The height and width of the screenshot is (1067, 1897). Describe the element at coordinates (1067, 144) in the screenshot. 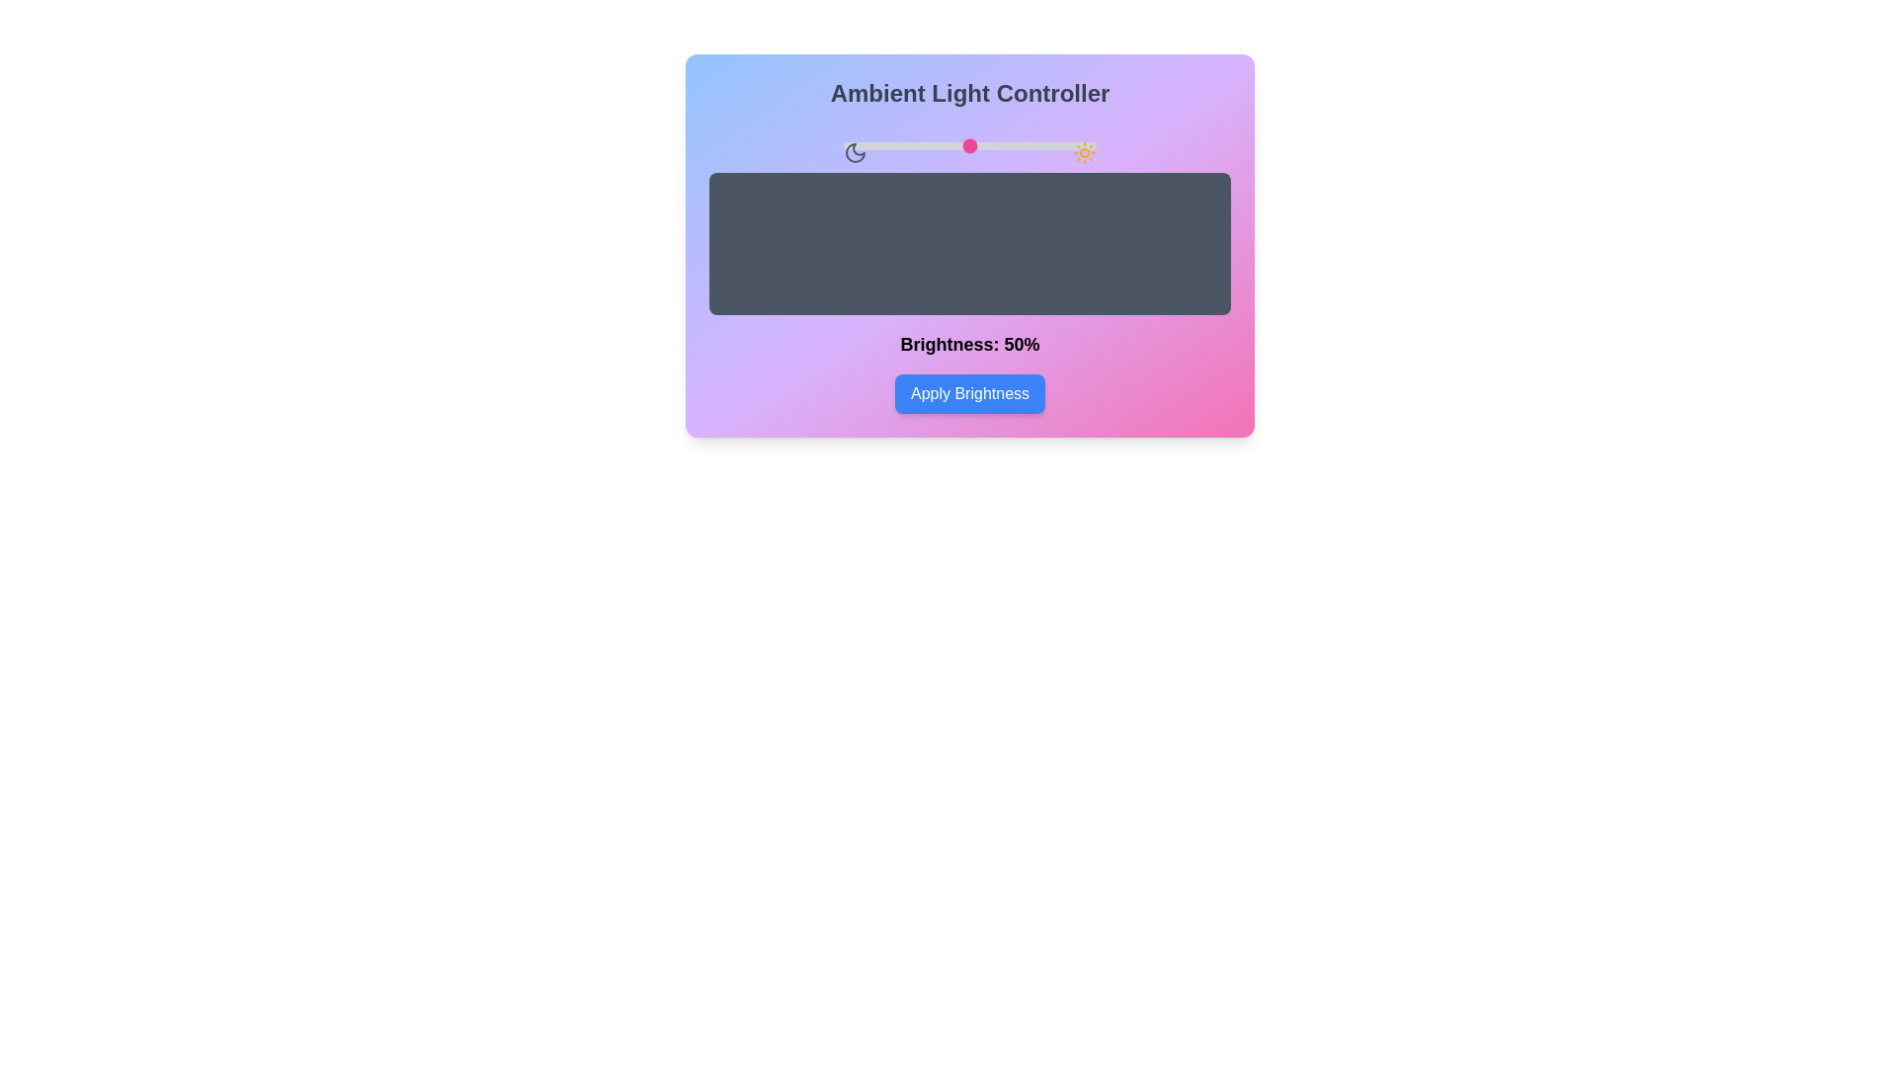

I see `the brightness slider to 89% to observe the change in the preview area` at that location.